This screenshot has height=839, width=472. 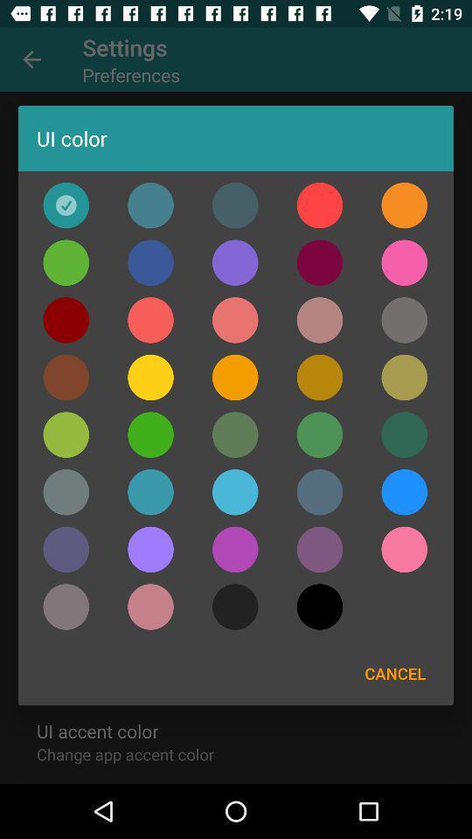 I want to click on the color bar, so click(x=65, y=492).